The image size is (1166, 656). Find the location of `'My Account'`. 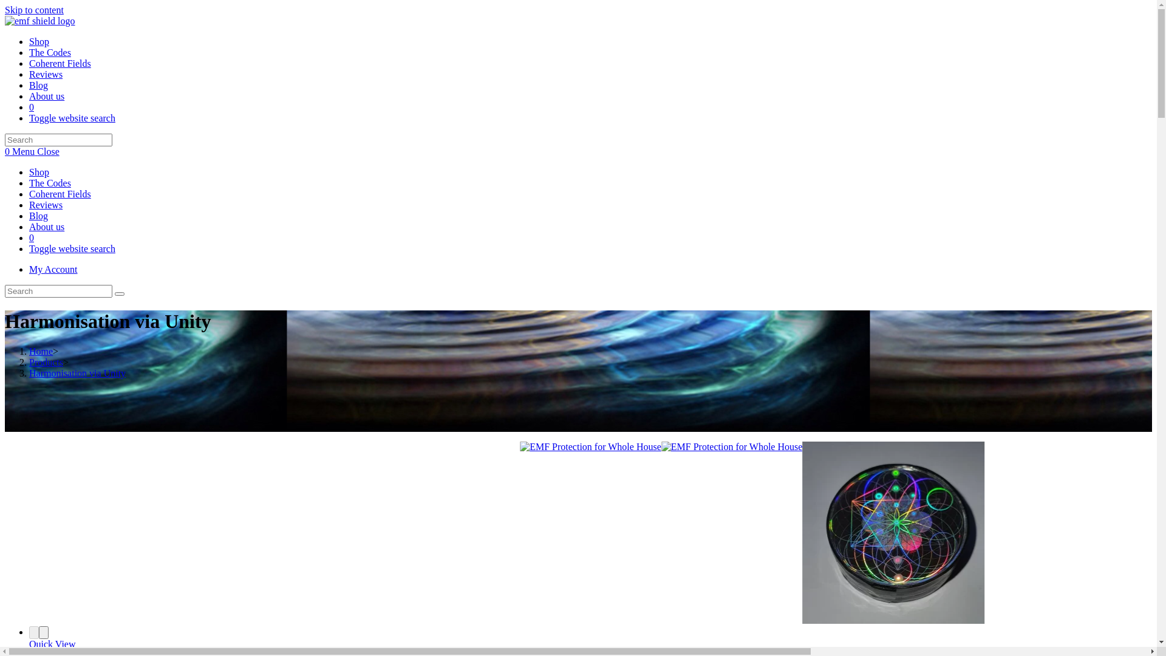

'My Account' is located at coordinates (52, 268).